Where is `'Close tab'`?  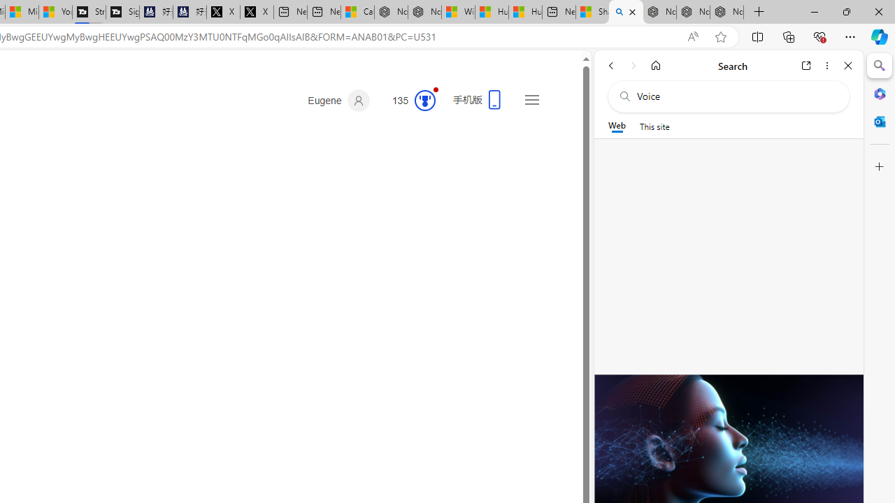
'Close tab' is located at coordinates (631, 12).